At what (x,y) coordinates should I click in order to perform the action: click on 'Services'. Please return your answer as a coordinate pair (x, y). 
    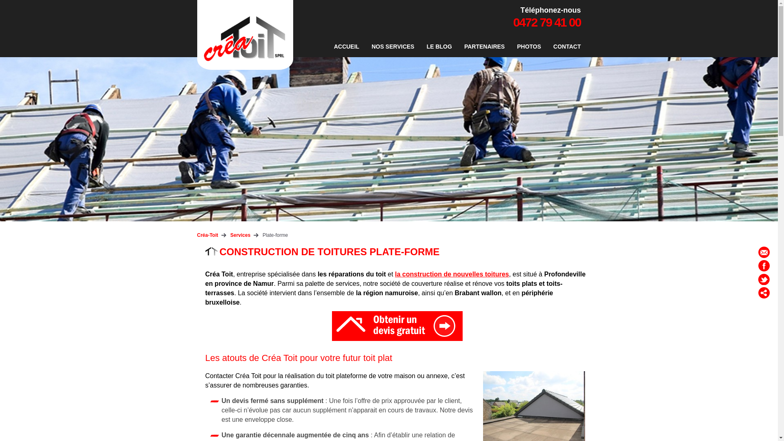
    Looking at the image, I should click on (230, 235).